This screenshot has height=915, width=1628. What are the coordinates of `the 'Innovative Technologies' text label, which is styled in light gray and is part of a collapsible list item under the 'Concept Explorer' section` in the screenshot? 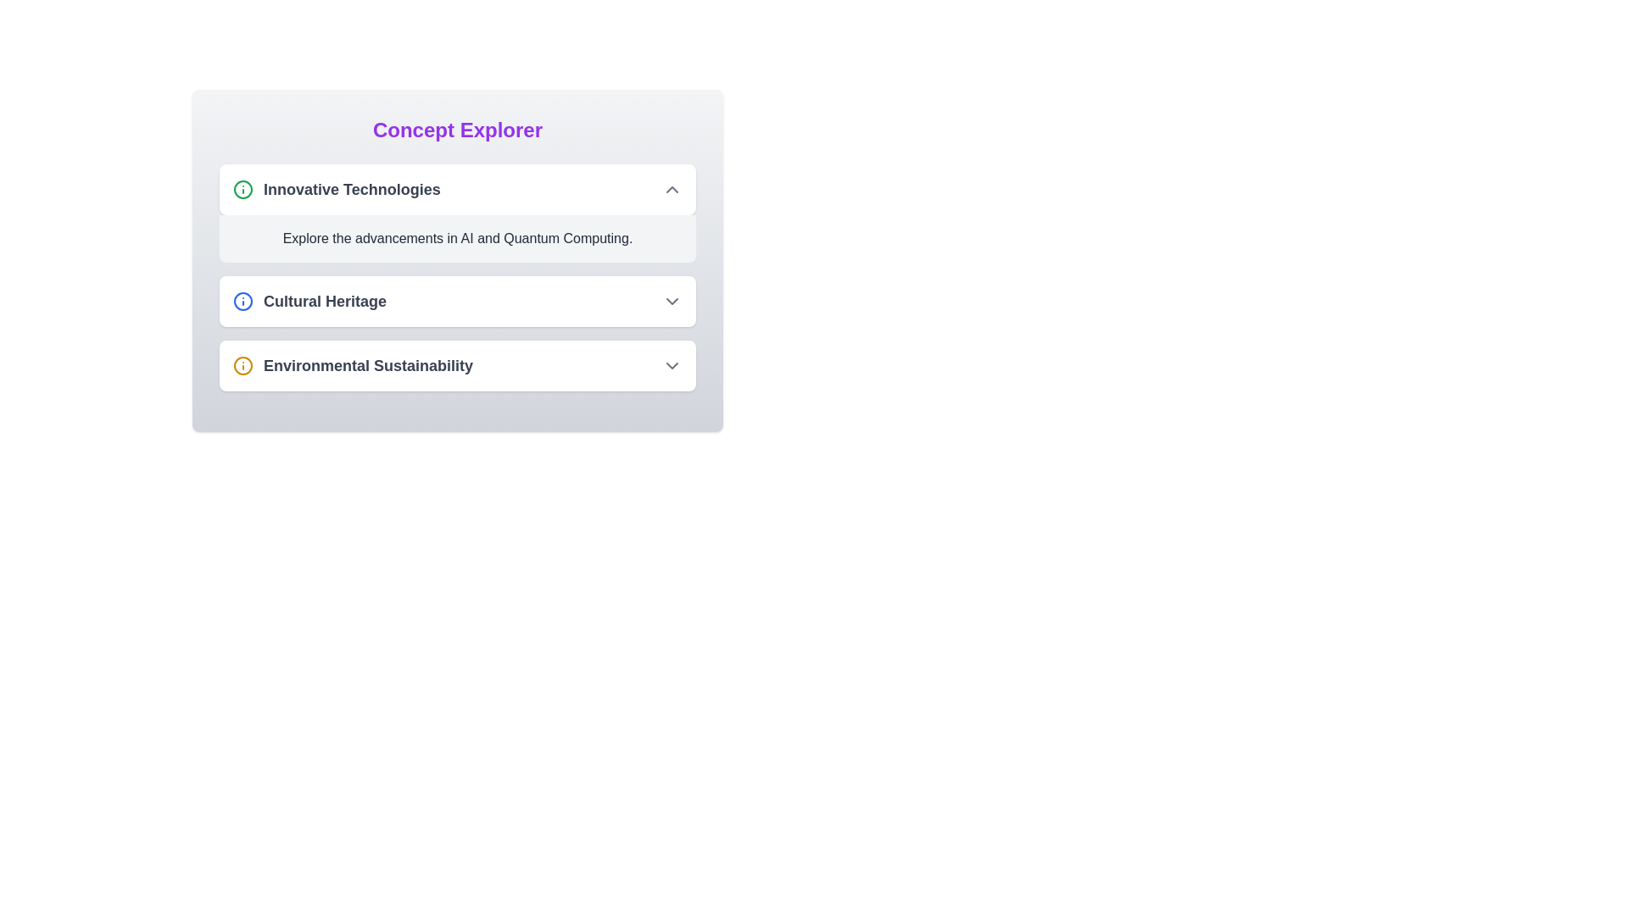 It's located at (351, 189).